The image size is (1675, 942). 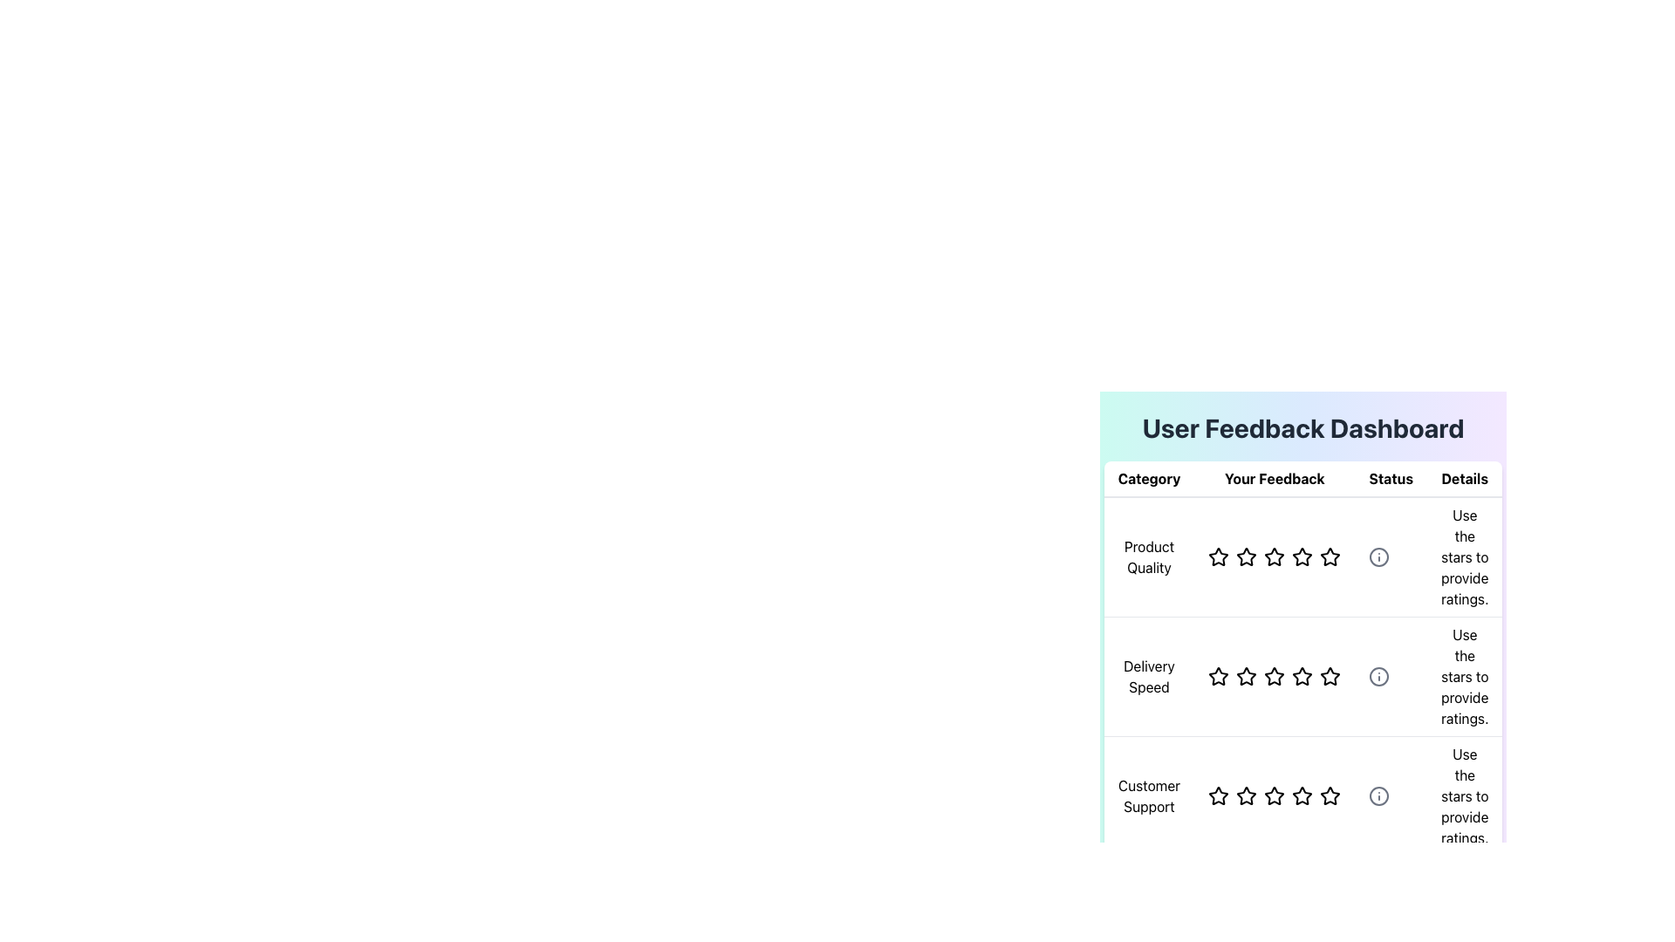 What do you see at coordinates (1465, 479) in the screenshot?
I see `text from the Table Header labeled 'Details', which is styled in a bold font and is the fourth element in the header row of the table` at bounding box center [1465, 479].